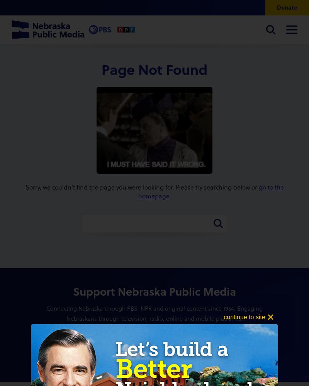 The height and width of the screenshot is (386, 309). What do you see at coordinates (188, 166) in the screenshot?
I see `'With volunteer fire departments in Nebraska struggling to recruit, could some towns fill those gaps by recruiting more People of Color?'` at bounding box center [188, 166].